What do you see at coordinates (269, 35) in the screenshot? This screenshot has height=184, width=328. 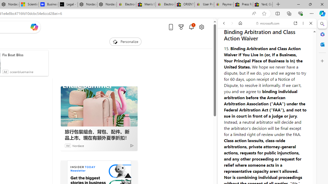 I see `'Search the web'` at bounding box center [269, 35].